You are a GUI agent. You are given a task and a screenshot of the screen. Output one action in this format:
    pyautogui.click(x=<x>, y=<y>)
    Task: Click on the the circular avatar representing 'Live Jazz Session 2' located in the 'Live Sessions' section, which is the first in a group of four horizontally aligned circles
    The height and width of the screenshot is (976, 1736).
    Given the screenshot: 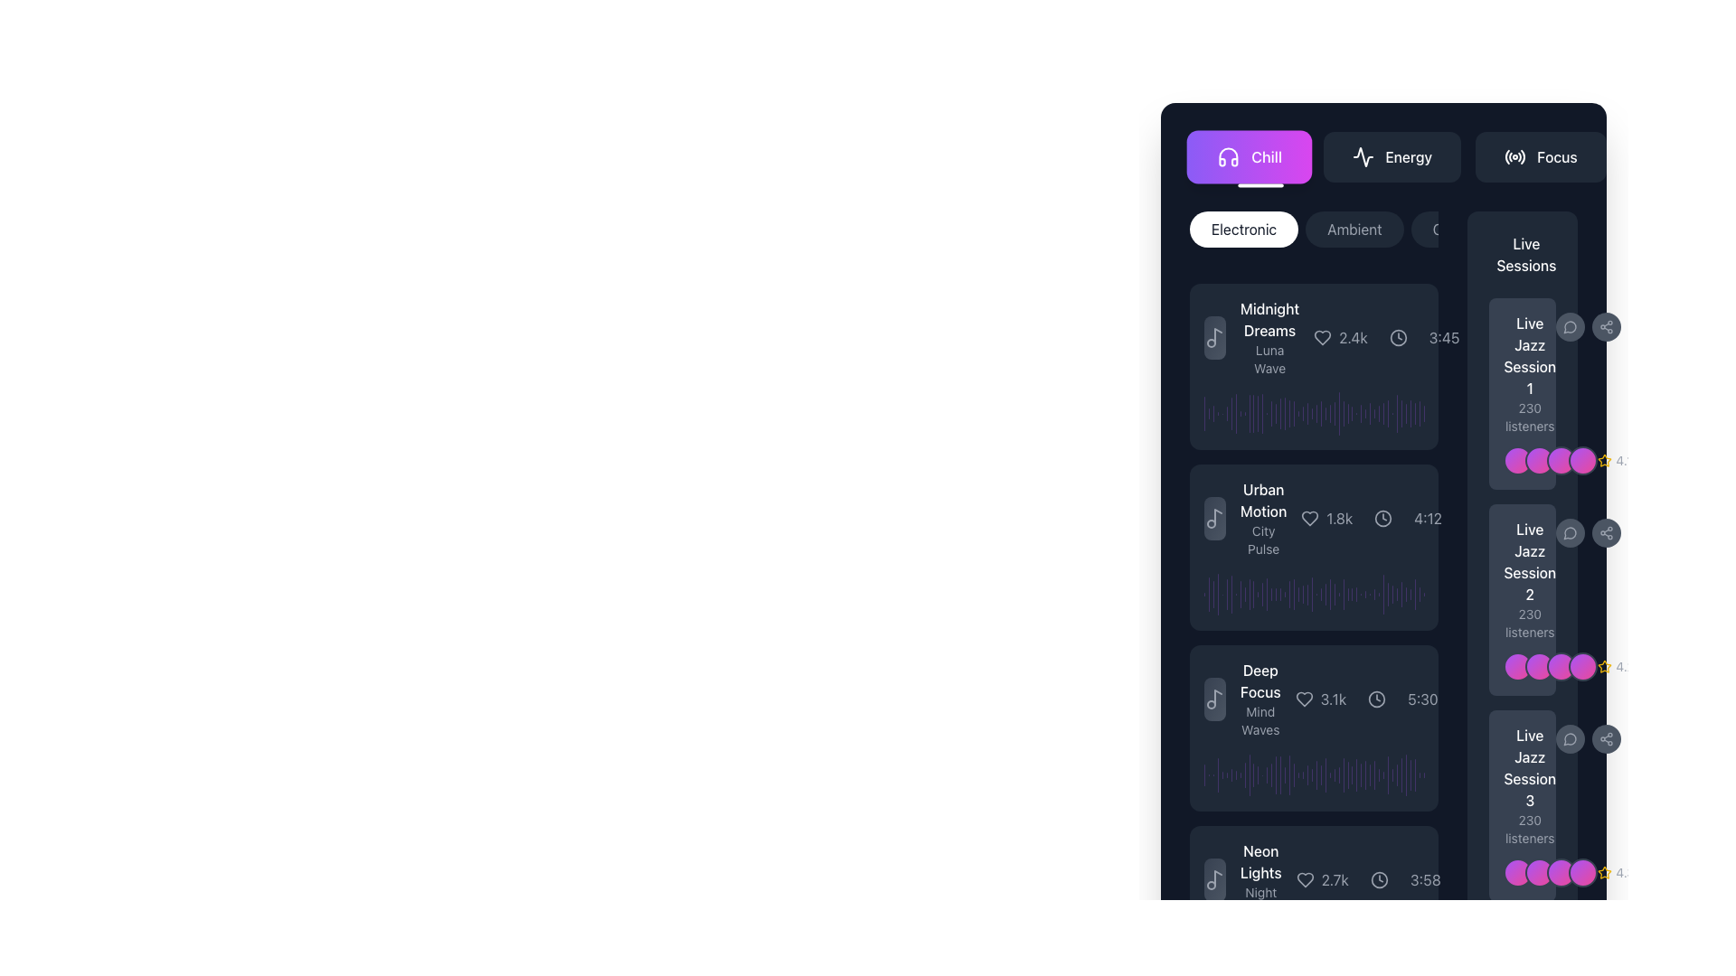 What is the action you would take?
    pyautogui.click(x=1518, y=666)
    